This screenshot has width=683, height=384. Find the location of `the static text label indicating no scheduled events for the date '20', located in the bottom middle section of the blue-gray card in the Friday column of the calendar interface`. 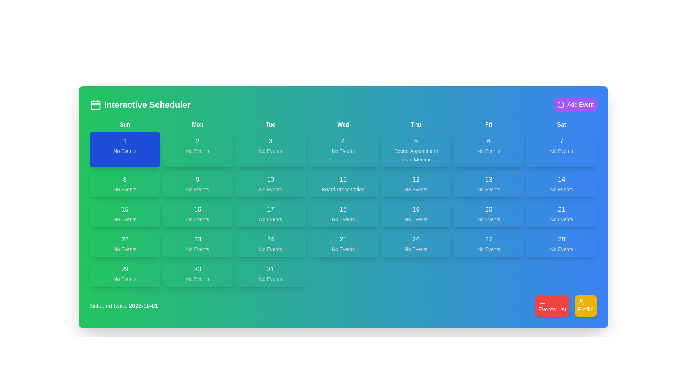

the static text label indicating no scheduled events for the date '20', located in the bottom middle section of the blue-gray card in the Friday column of the calendar interface is located at coordinates (488, 219).